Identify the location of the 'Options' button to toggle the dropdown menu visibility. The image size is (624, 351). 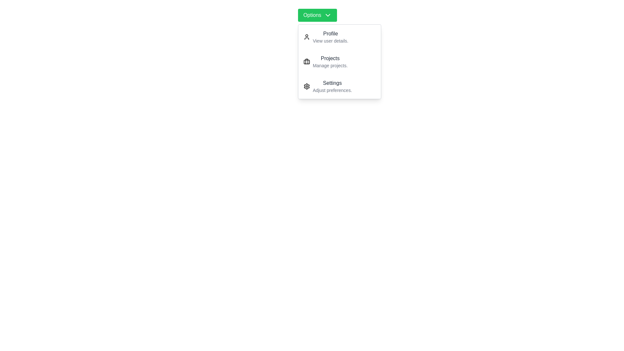
(317, 15).